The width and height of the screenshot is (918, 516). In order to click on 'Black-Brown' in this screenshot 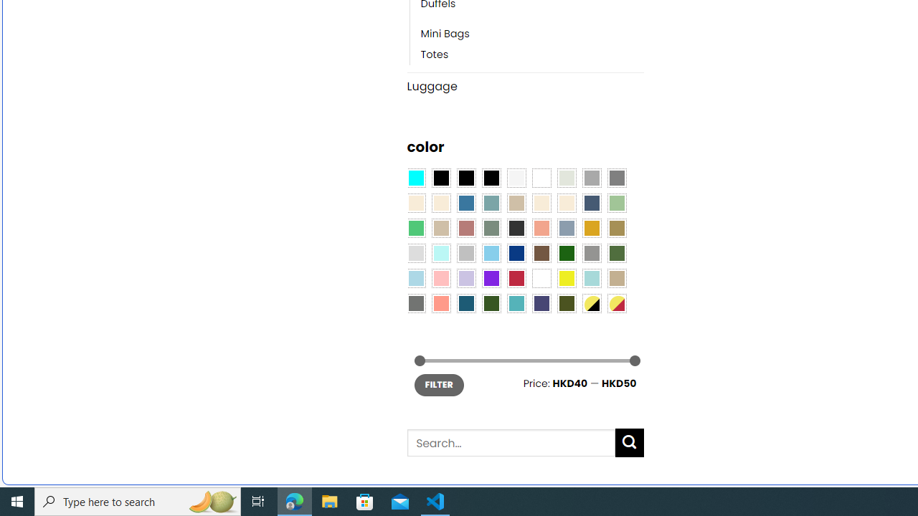, I will do `click(491, 178)`.